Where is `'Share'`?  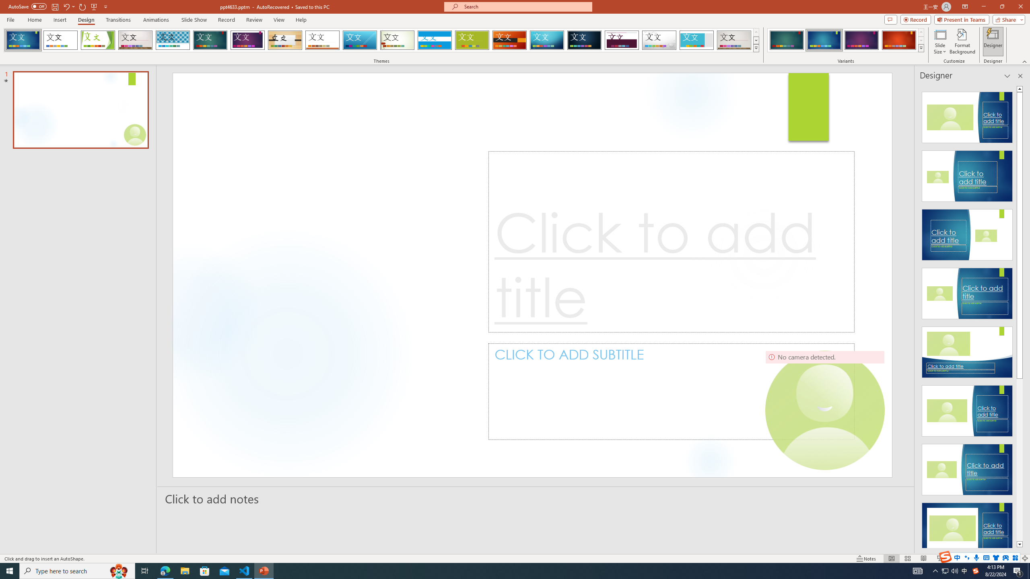 'Share' is located at coordinates (1007, 19).